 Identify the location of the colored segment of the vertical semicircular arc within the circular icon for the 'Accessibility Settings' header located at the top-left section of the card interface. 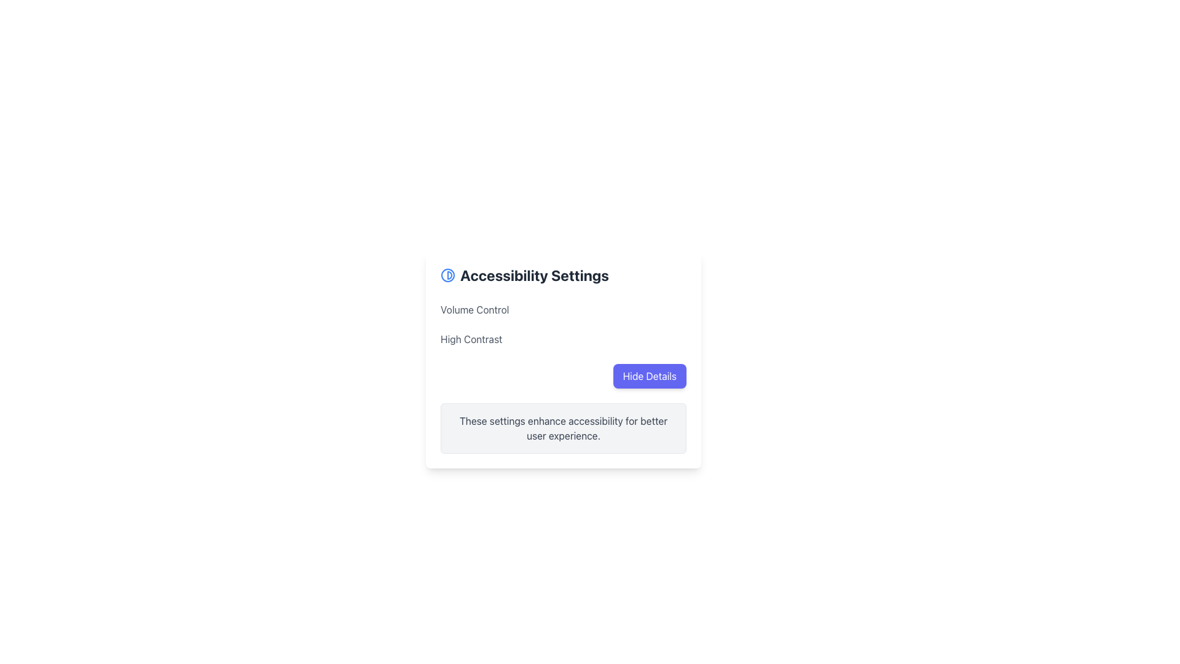
(449, 274).